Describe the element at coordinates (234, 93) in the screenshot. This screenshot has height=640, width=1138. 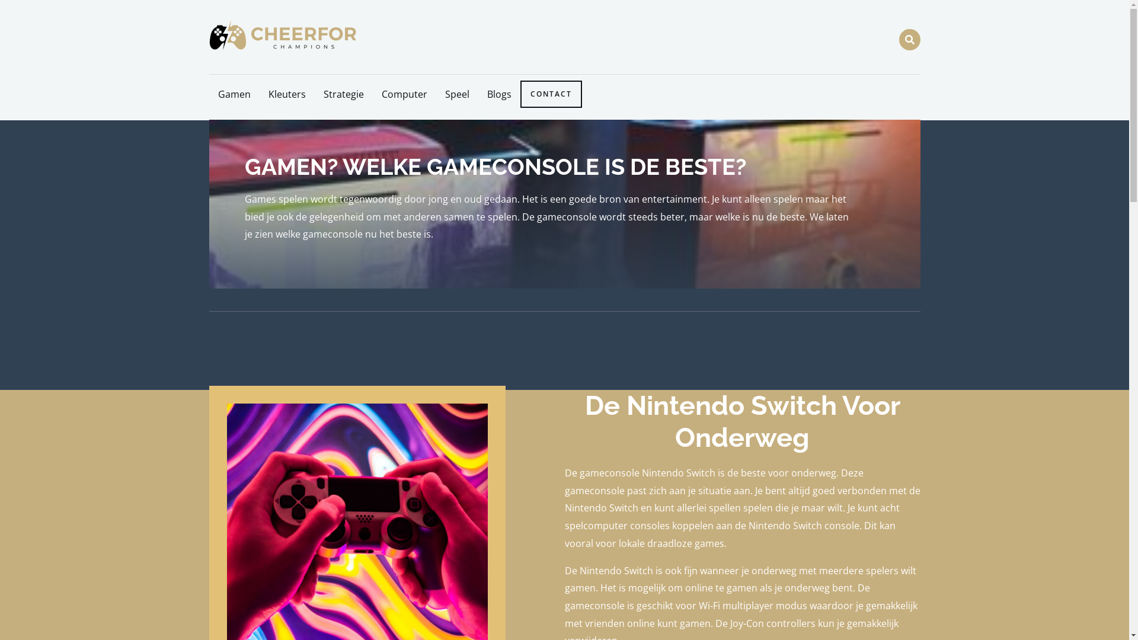
I see `'Gamen'` at that location.